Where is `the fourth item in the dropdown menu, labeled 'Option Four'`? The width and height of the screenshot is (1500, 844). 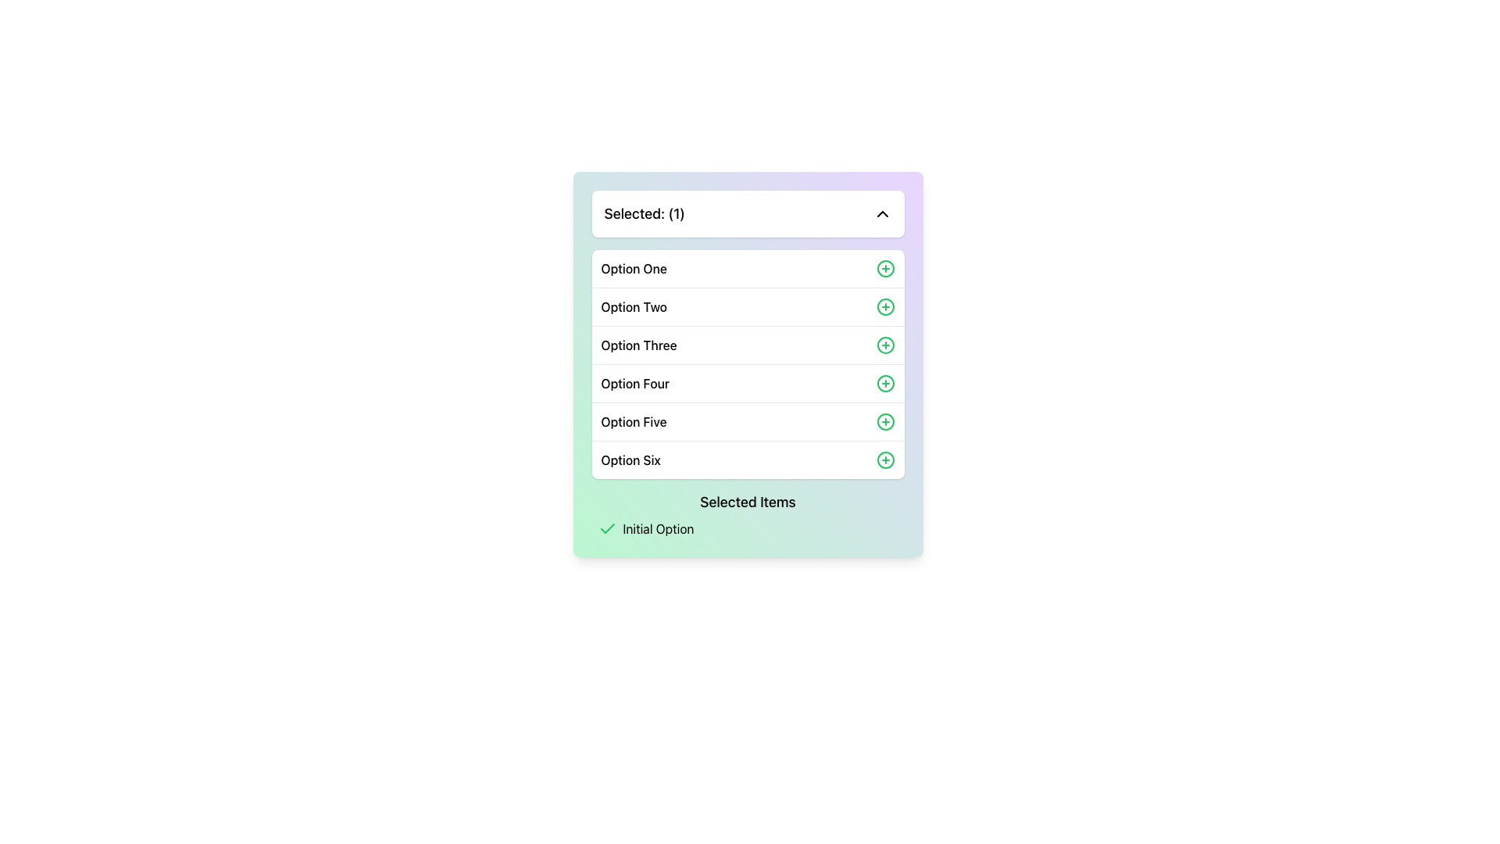 the fourth item in the dropdown menu, labeled 'Option Four' is located at coordinates (747, 383).